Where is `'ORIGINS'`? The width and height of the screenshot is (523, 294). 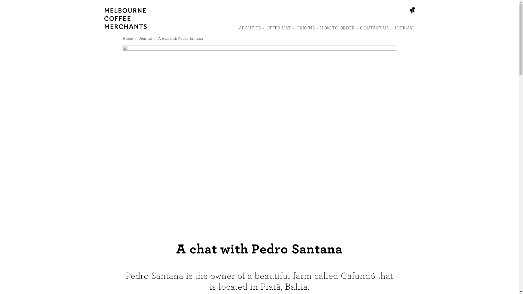 'ORIGINS' is located at coordinates (306, 30).